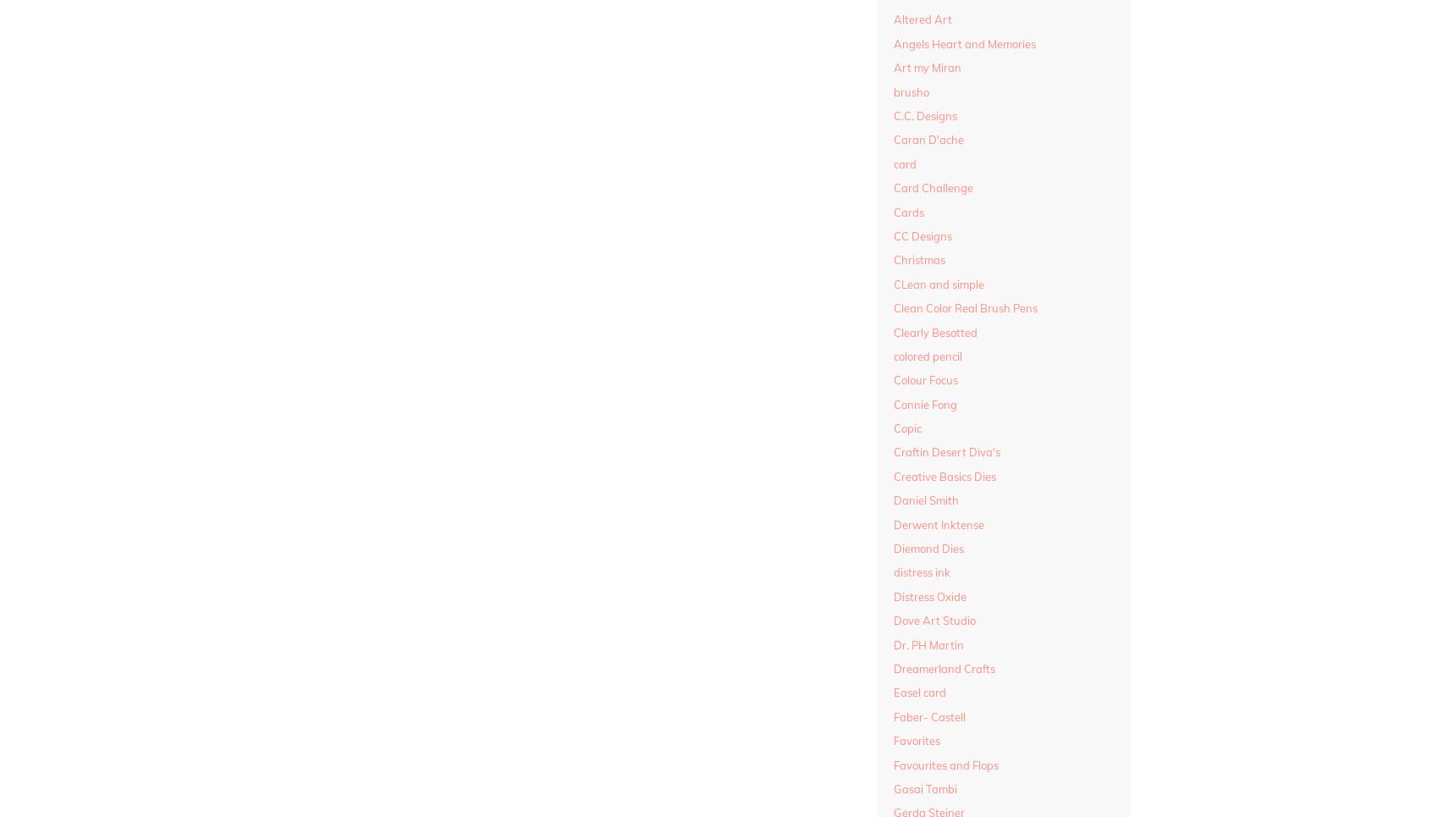 This screenshot has width=1432, height=817. Describe the element at coordinates (891, 163) in the screenshot. I see `'card'` at that location.